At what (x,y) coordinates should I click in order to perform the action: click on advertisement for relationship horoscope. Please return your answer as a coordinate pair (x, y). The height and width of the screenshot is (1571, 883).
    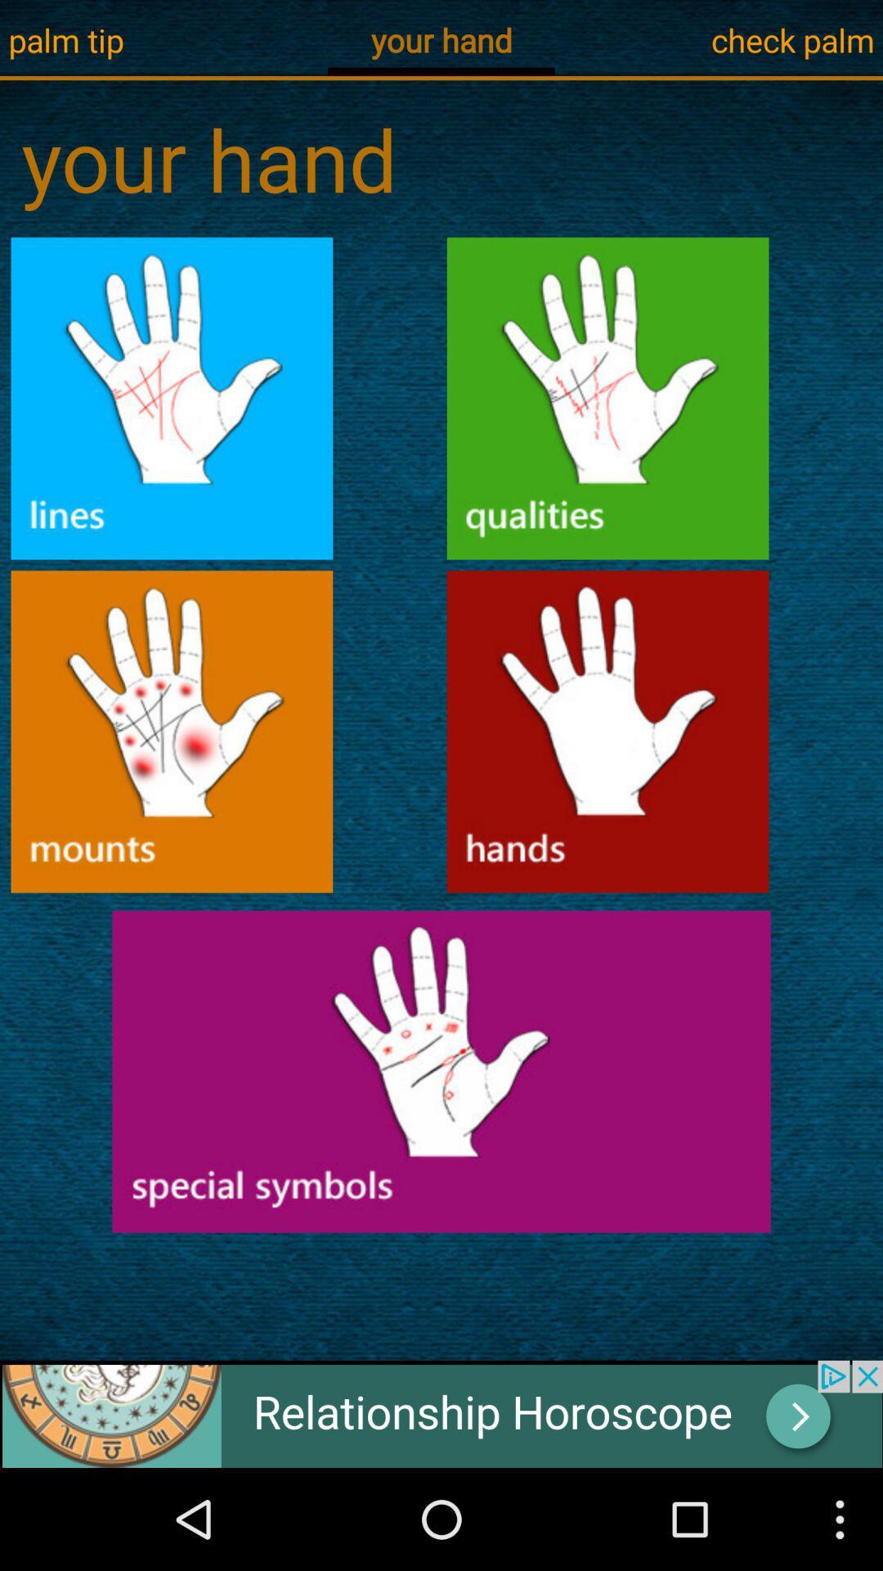
    Looking at the image, I should click on (441, 1413).